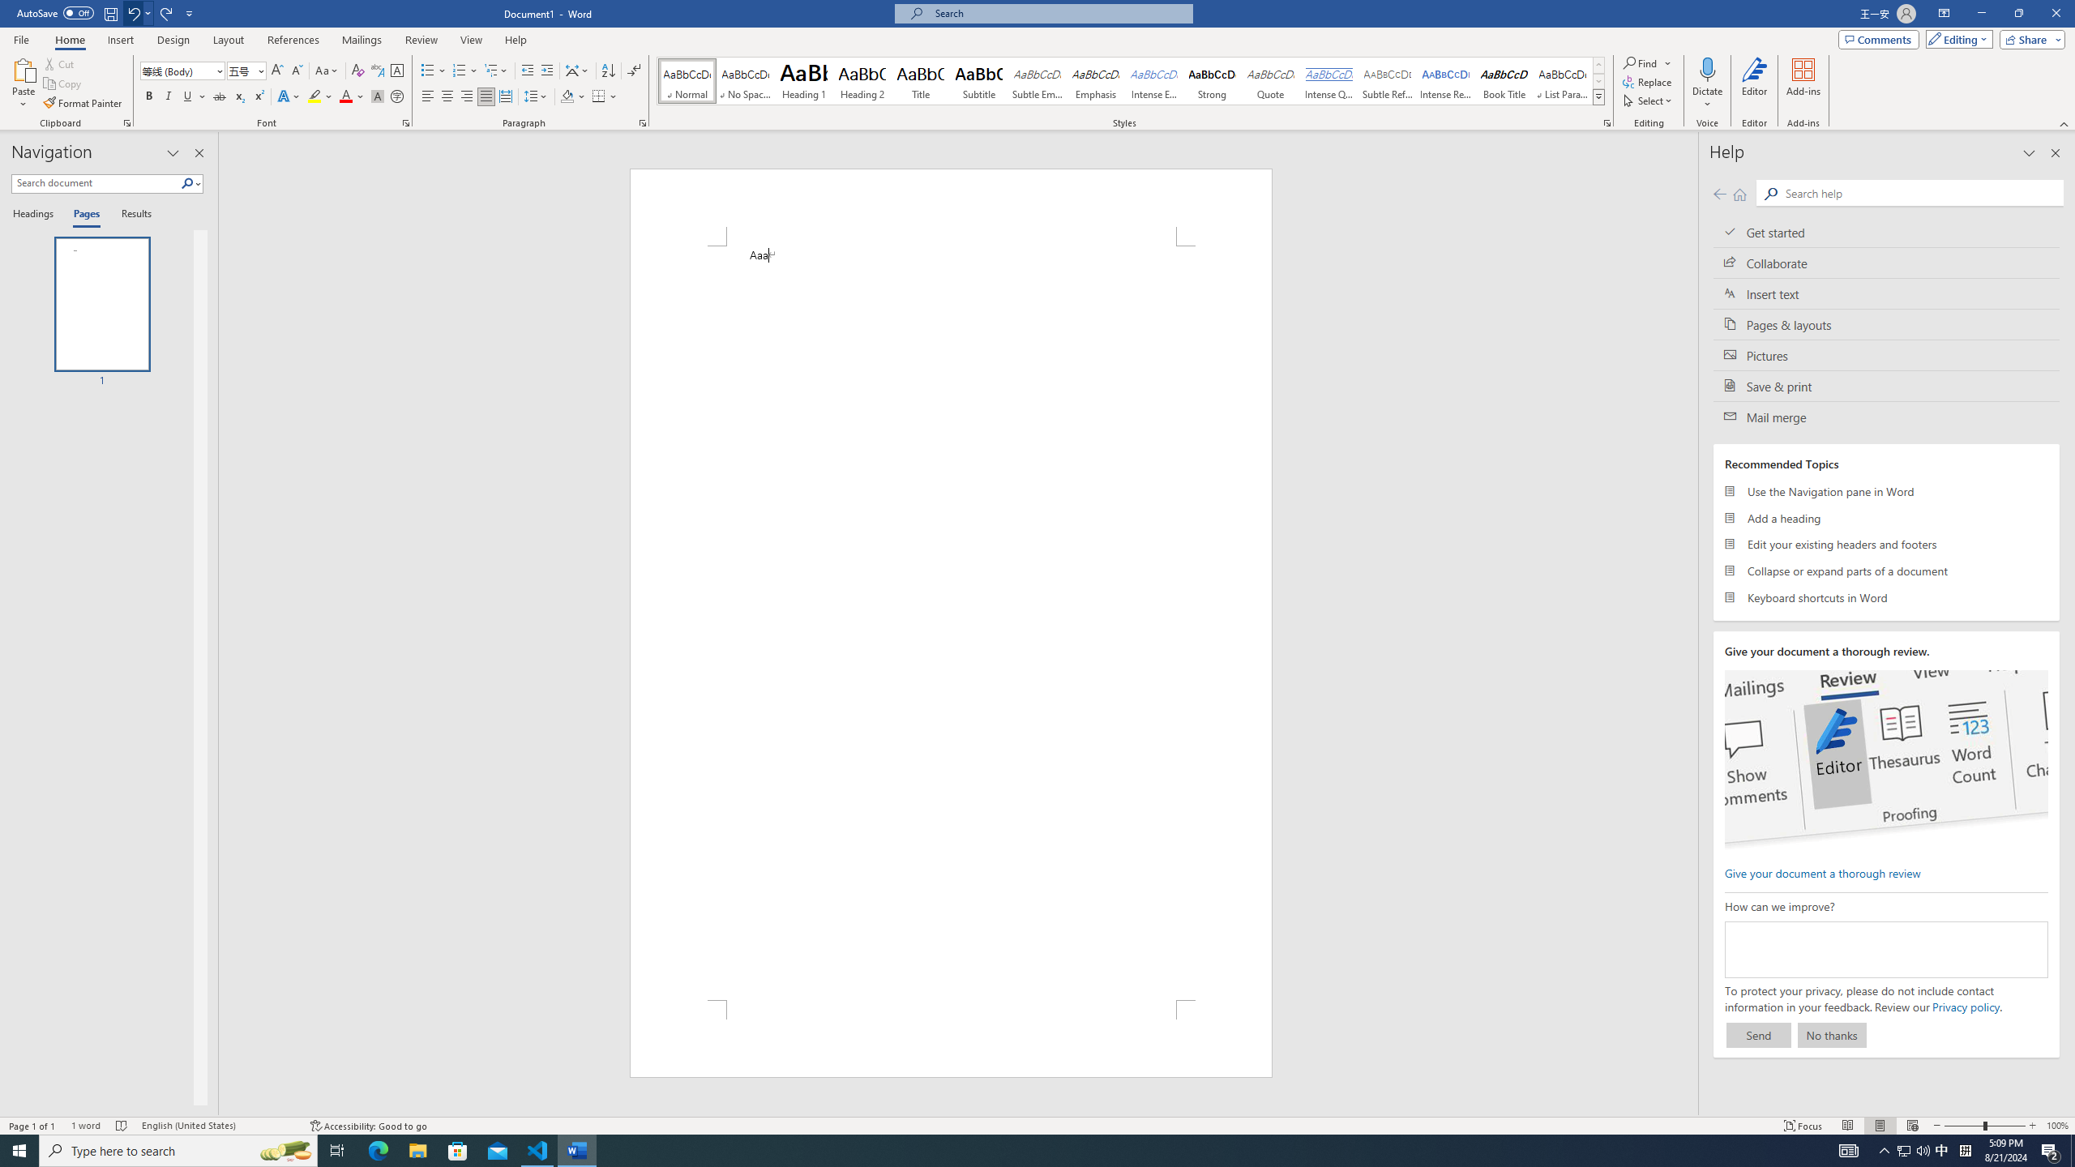  I want to click on 'Phonetic Guide...', so click(376, 71).